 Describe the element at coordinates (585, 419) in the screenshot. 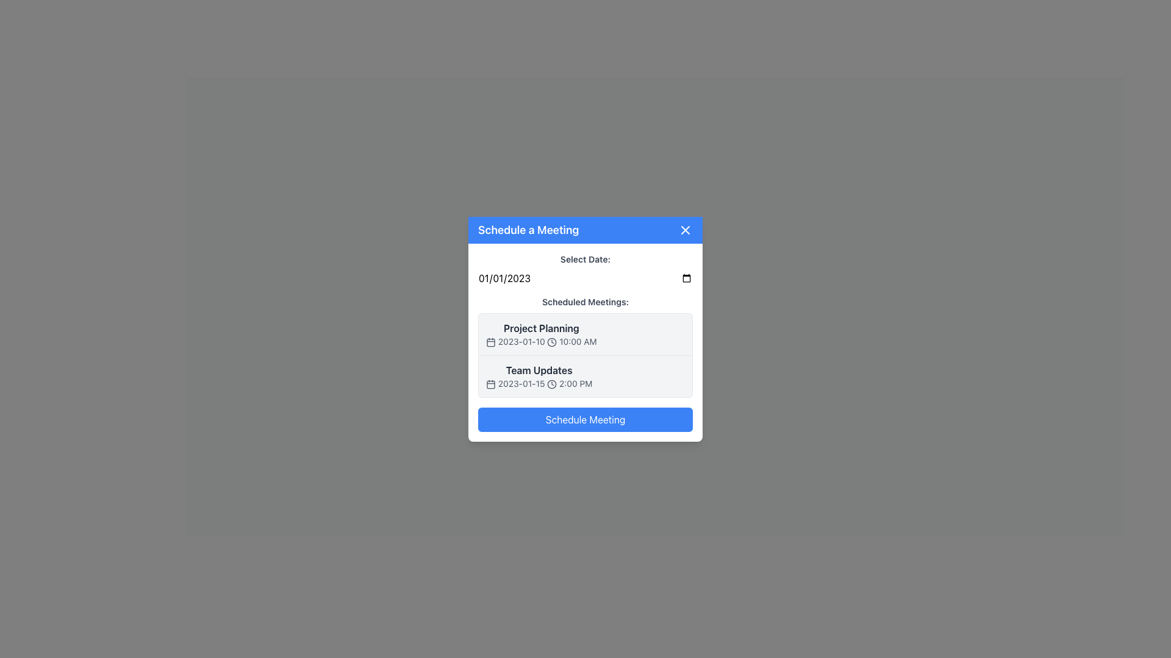

I see `the schedule new meeting button located at the bottom of the modal window` at that location.